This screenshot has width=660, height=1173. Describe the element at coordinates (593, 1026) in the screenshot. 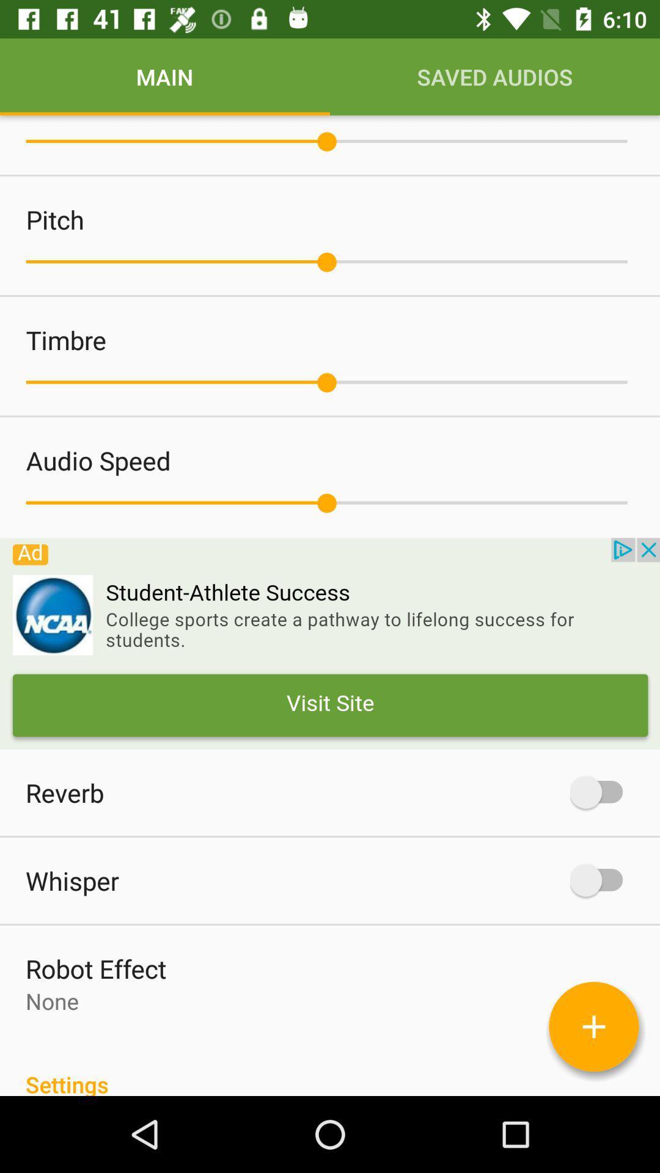

I see `more` at that location.